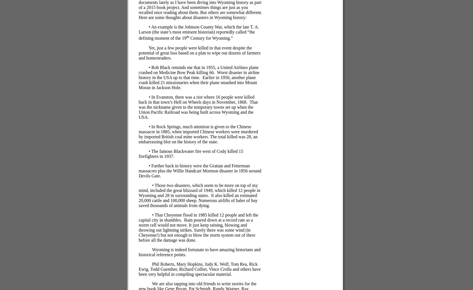  Describe the element at coordinates (198, 69) in the screenshot. I see `'• Rob Black
reminds me that in 1955, a United Airlines plane crashed on Medicine Bow Peak
killing 66.'` at that location.